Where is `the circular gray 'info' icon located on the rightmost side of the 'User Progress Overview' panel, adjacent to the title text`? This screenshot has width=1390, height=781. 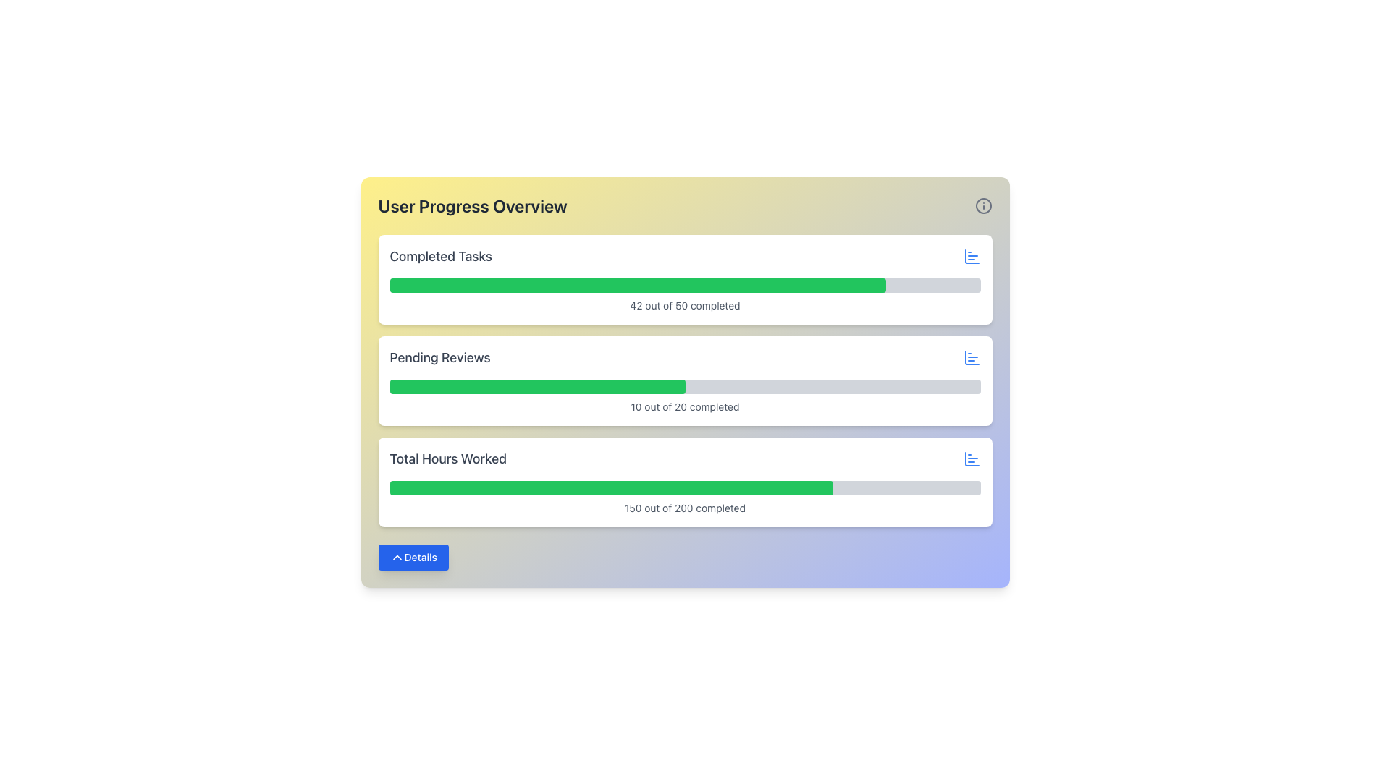
the circular gray 'info' icon located on the rightmost side of the 'User Progress Overview' panel, adjacent to the title text is located at coordinates (983, 206).